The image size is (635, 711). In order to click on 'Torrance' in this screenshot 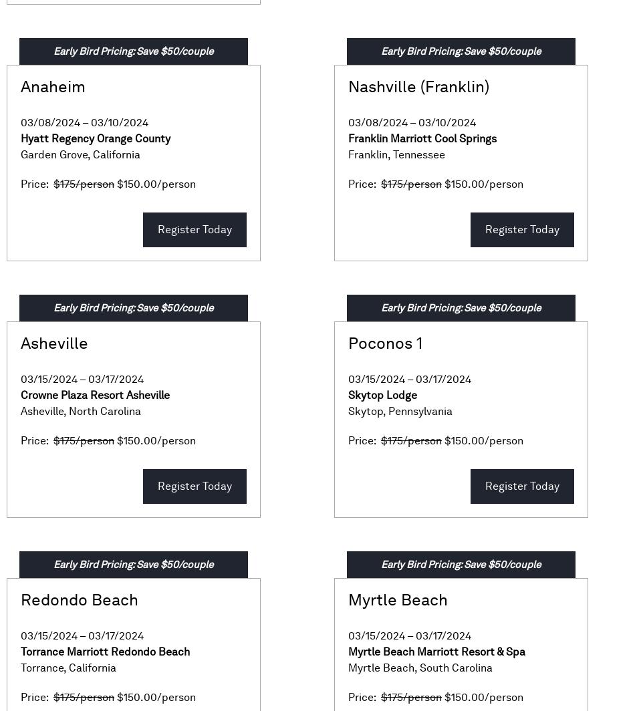, I will do `click(41, 668)`.